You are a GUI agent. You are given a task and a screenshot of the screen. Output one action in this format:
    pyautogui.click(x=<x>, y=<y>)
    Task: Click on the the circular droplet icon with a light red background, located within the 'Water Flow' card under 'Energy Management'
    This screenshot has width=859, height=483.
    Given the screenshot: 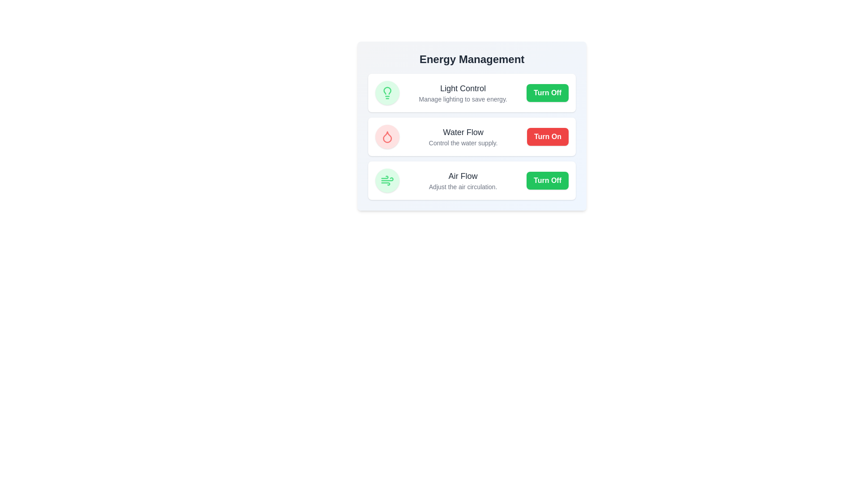 What is the action you would take?
    pyautogui.click(x=387, y=136)
    